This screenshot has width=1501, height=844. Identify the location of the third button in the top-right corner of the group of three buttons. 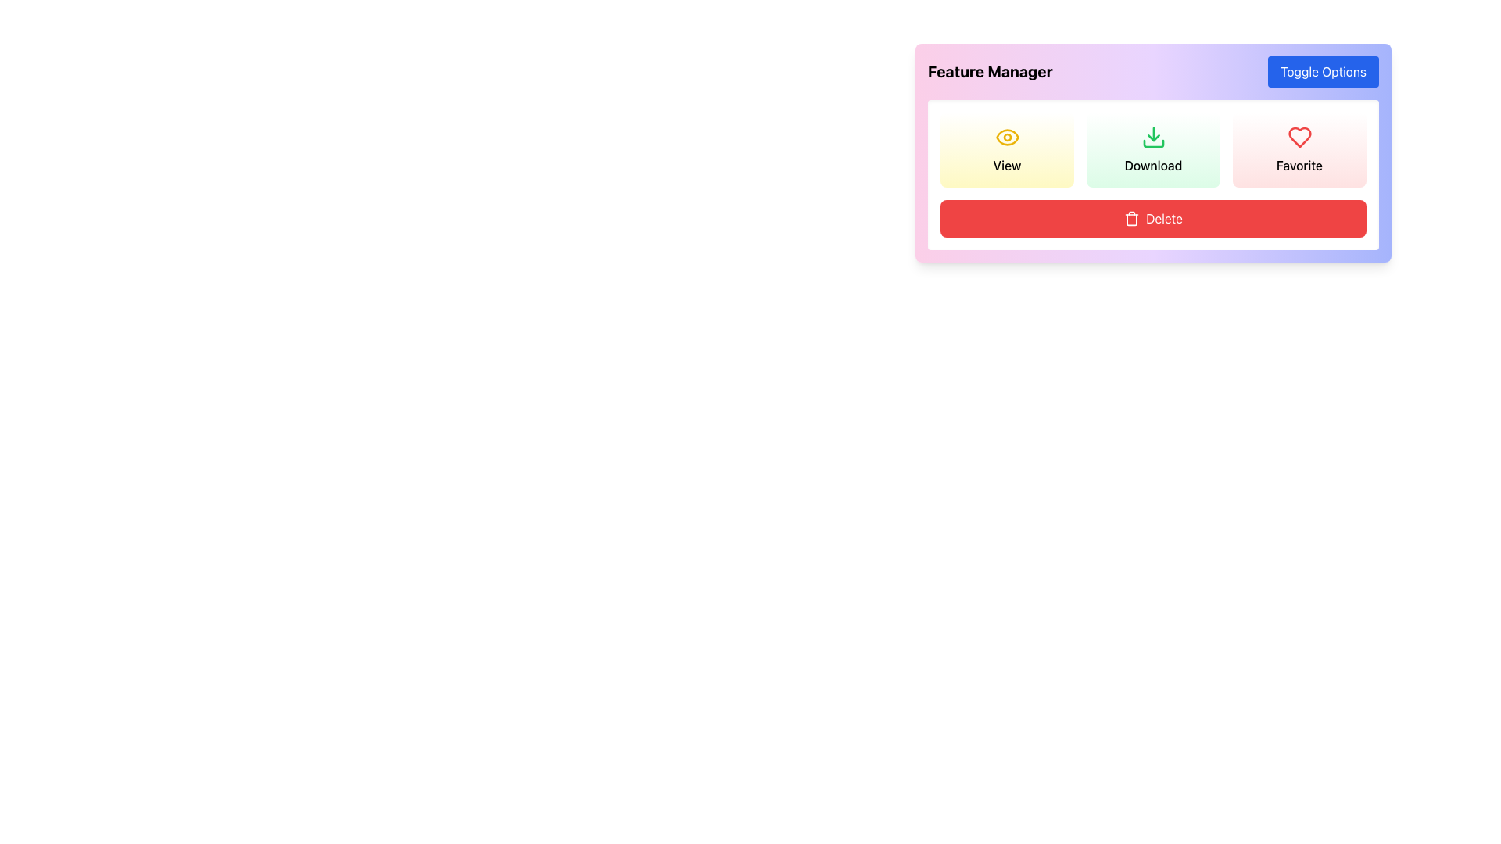
(1299, 150).